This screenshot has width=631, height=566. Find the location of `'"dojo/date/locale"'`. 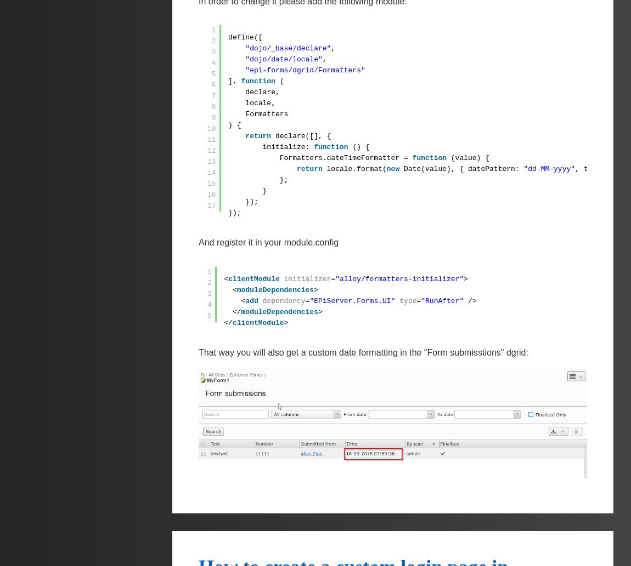

'"dojo/date/locale"' is located at coordinates (284, 59).